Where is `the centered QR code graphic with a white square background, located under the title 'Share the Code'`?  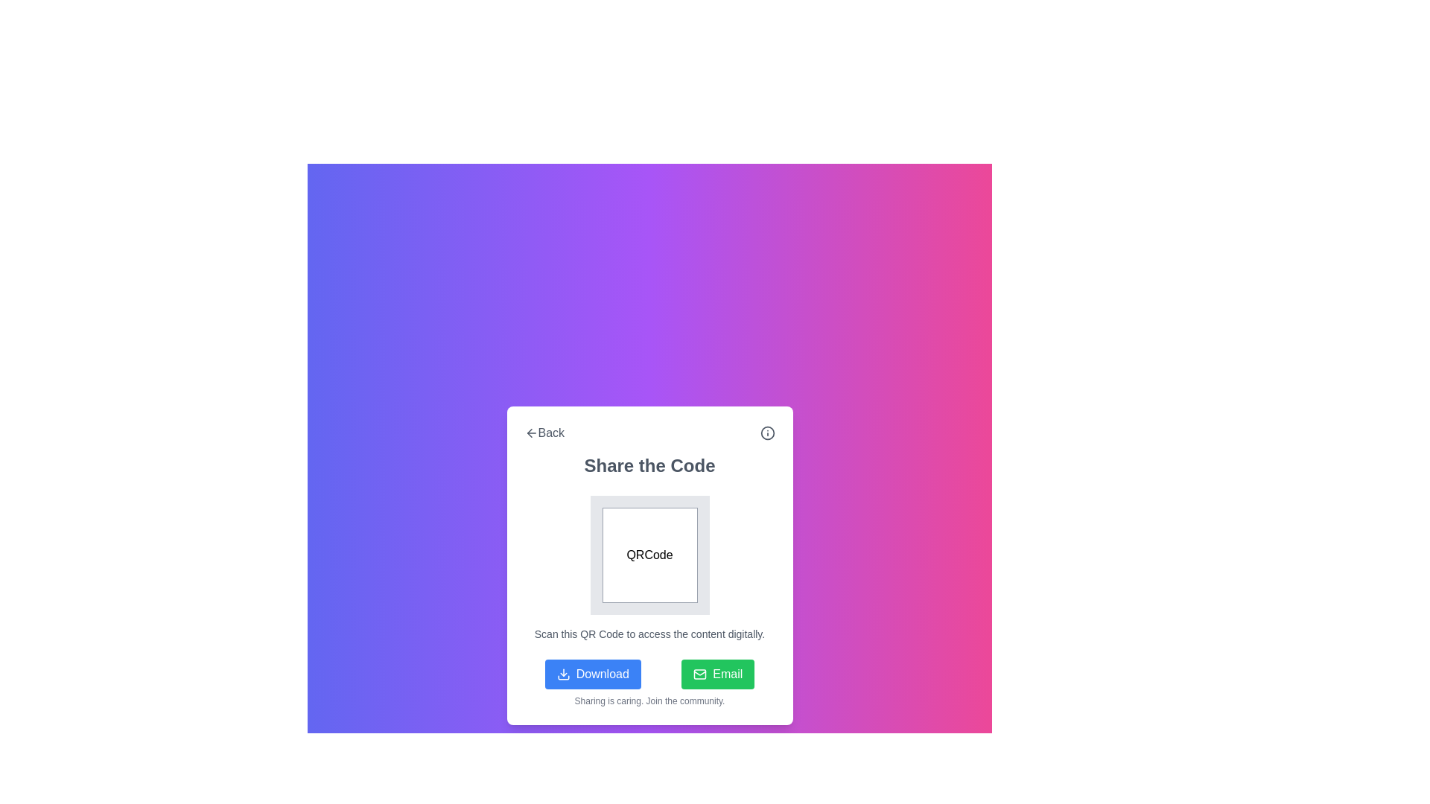
the centered QR code graphic with a white square background, located under the title 'Share the Code' is located at coordinates (649, 555).